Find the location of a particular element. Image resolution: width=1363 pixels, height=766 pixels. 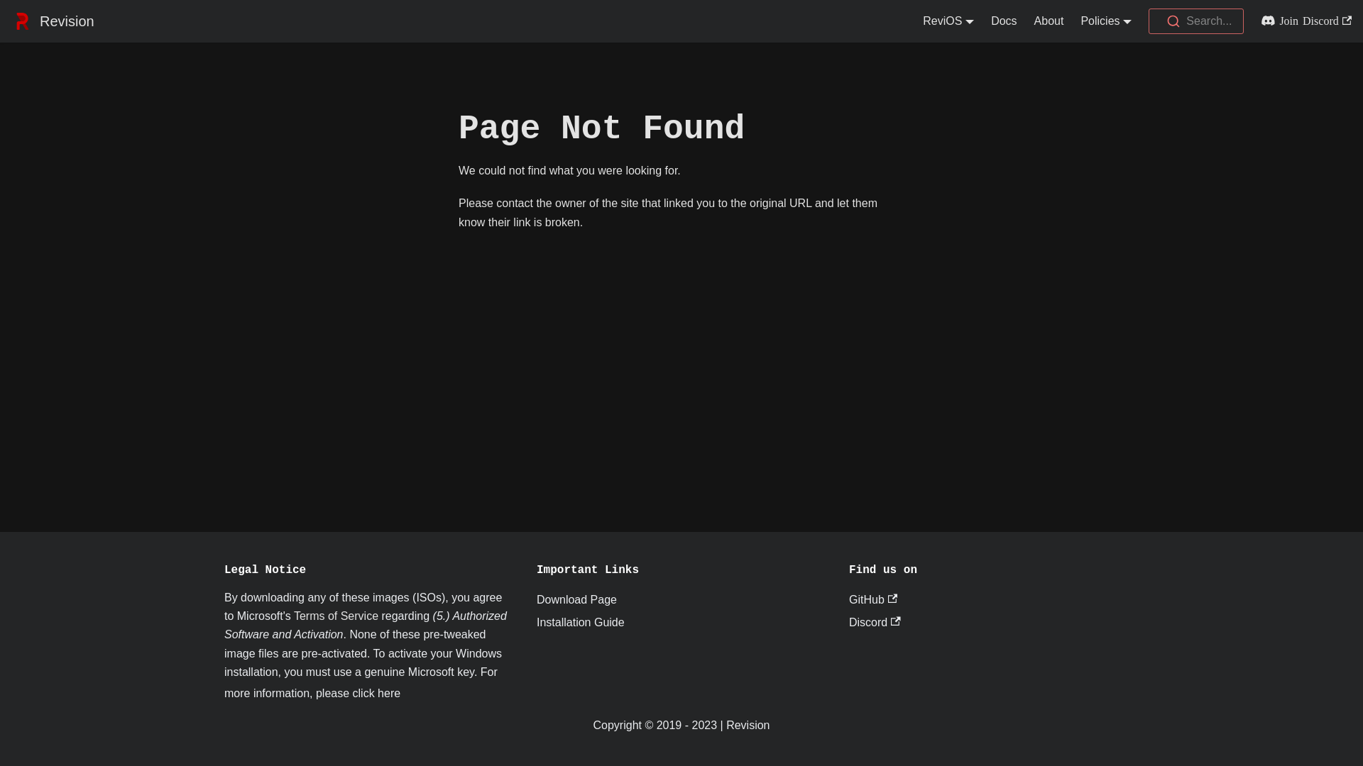

'Policies' is located at coordinates (1105, 21).